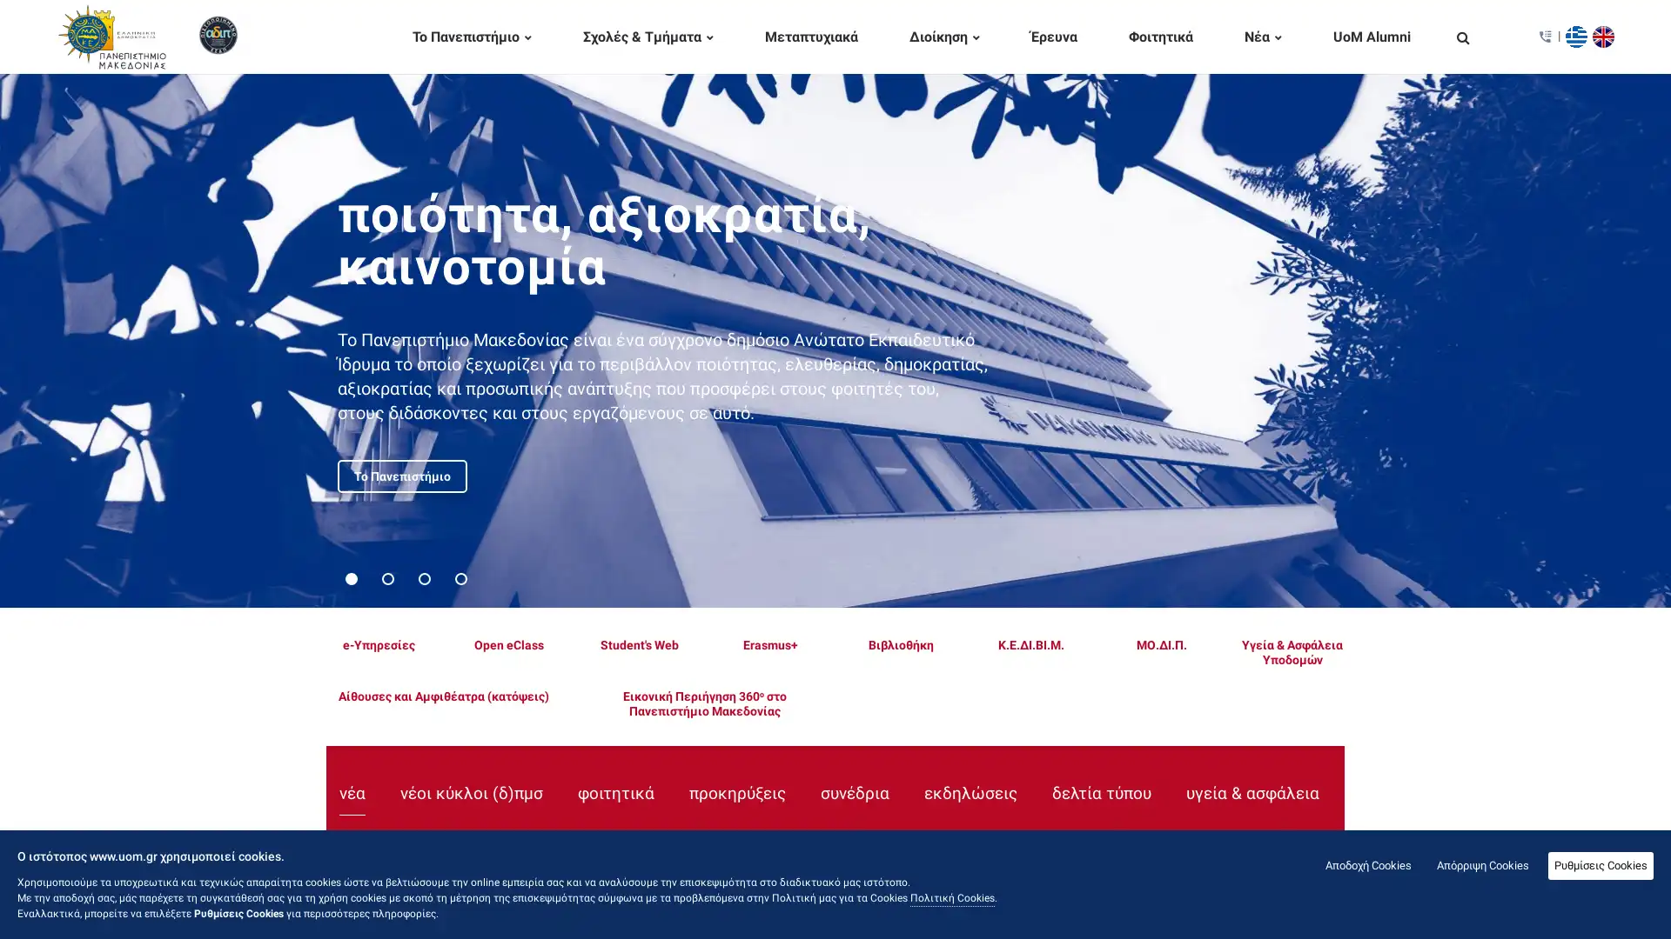 This screenshot has height=939, width=1671. What do you see at coordinates (1482, 865) in the screenshot?
I see `Cookies` at bounding box center [1482, 865].